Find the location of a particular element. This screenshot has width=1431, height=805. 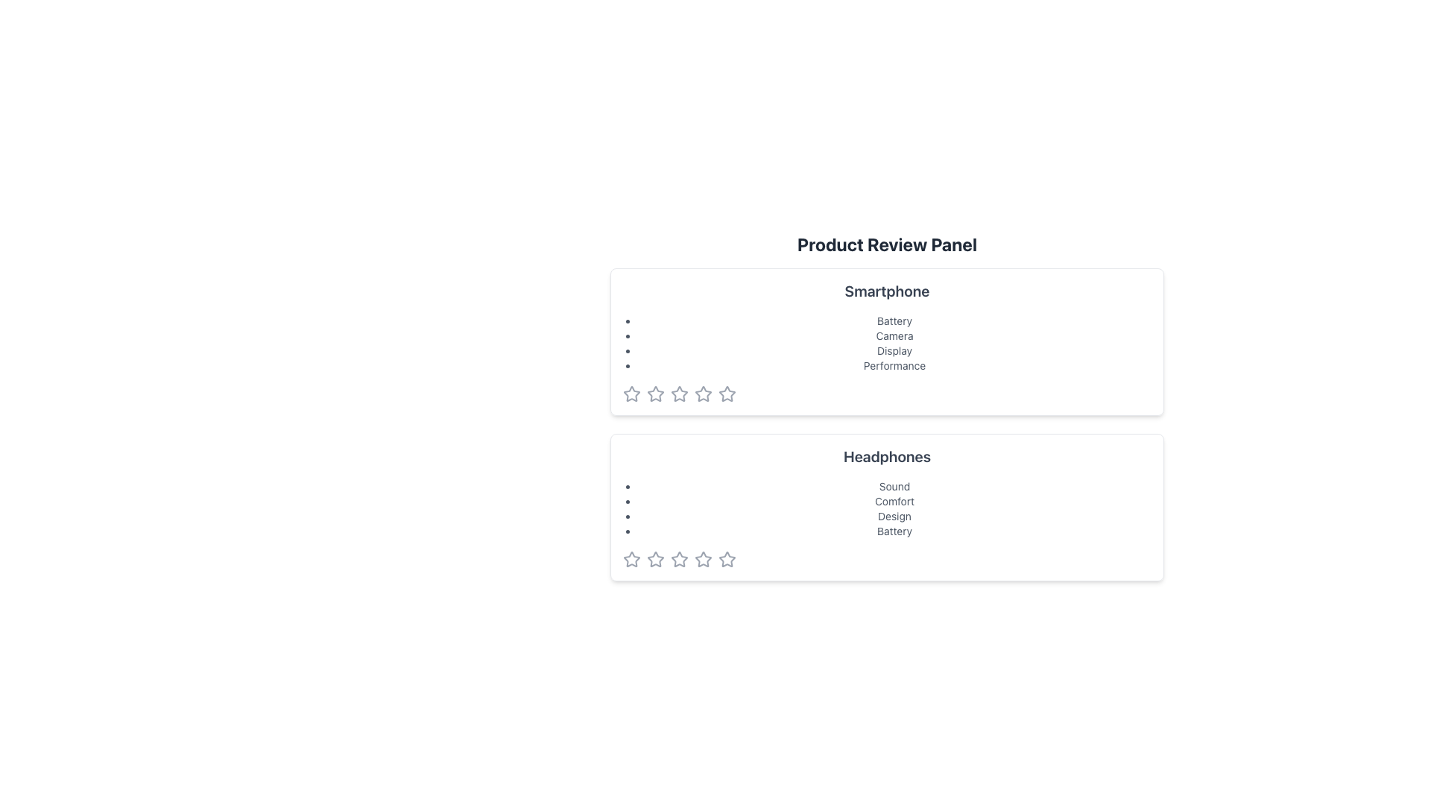

the text label representing the first item in the 'Headphones' section, which indicates a category or feature related to headphones is located at coordinates (894, 486).